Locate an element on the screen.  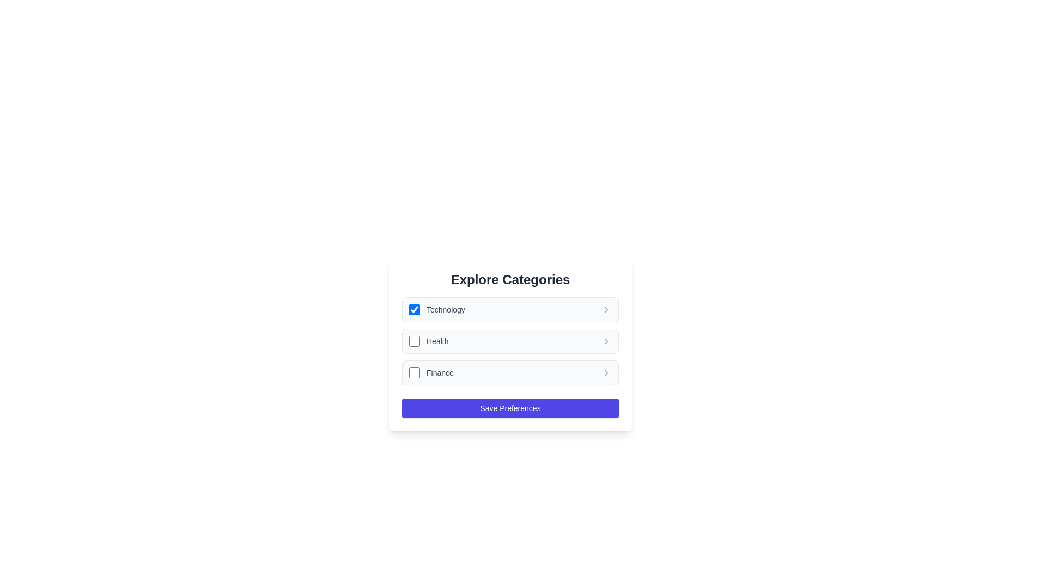
arrow icon next to the 'Health' category is located at coordinates (606, 341).